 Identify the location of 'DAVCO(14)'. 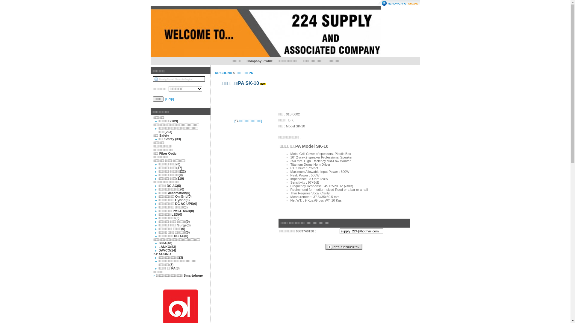
(167, 250).